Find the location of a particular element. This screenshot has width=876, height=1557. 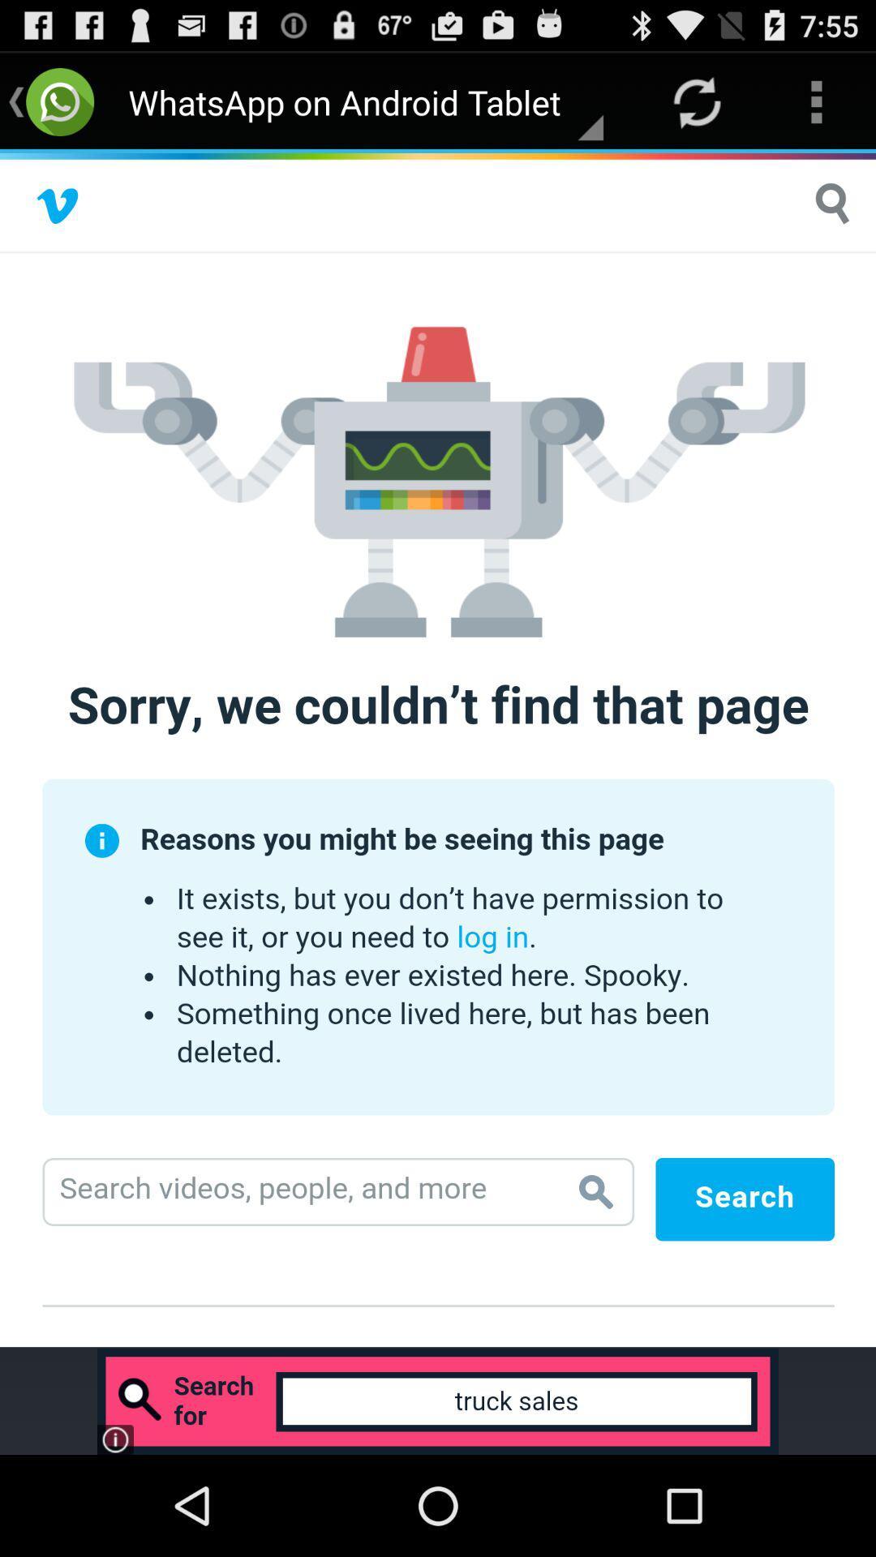

visit sponsor advertisement is located at coordinates (438, 1400).